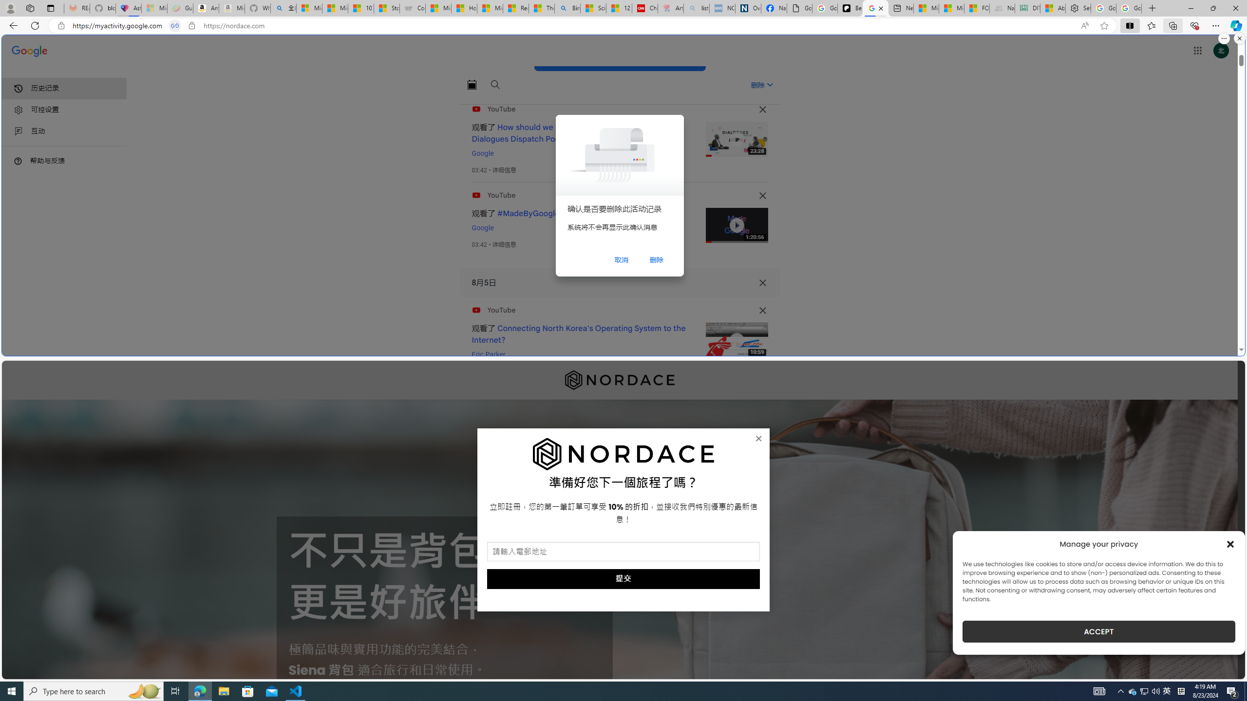 This screenshot has width=1247, height=701. Describe the element at coordinates (128, 8) in the screenshot. I see `'Asthma Inhalers: Names and Types'` at that location.